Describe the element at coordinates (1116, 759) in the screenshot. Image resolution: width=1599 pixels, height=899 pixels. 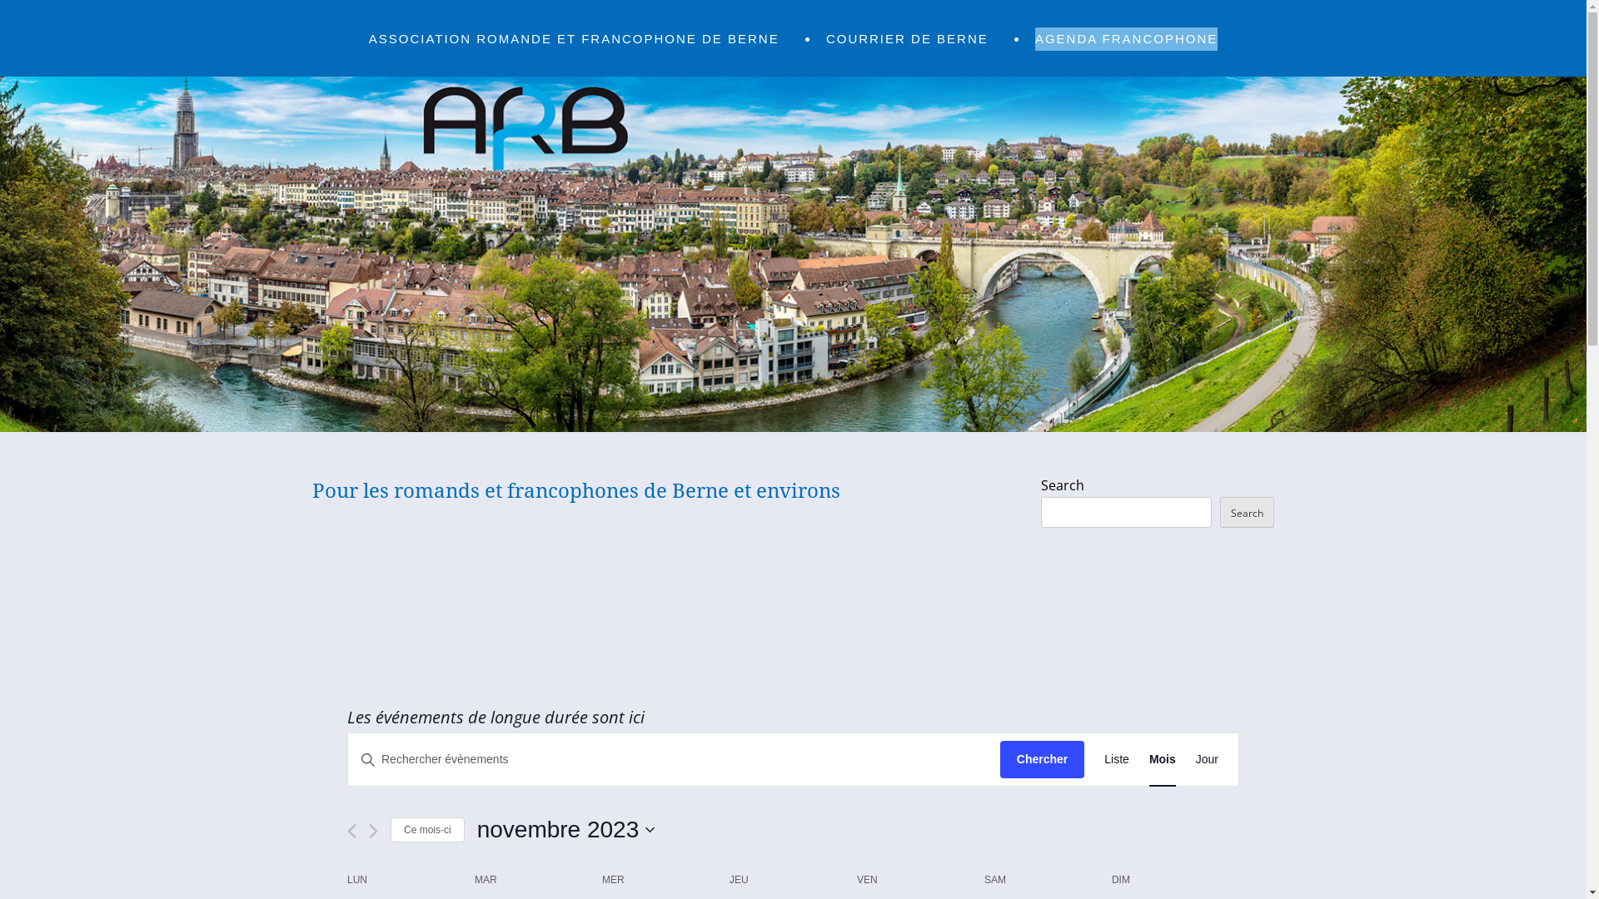
I see `'Liste'` at that location.